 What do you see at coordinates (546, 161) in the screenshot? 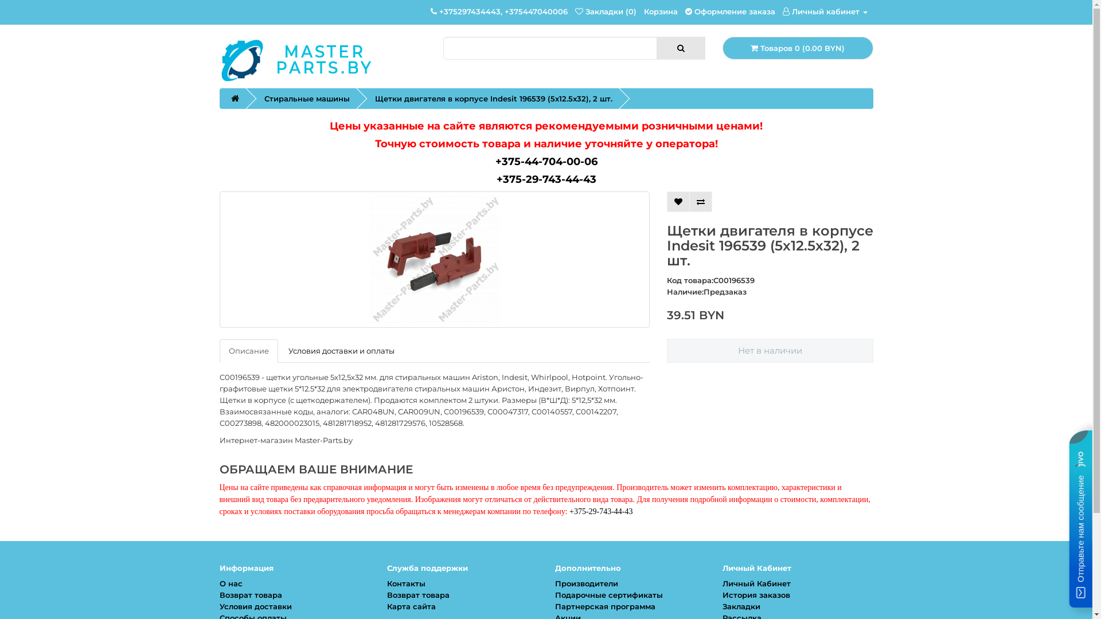
I see `'+375-44-704-00-06'` at bounding box center [546, 161].